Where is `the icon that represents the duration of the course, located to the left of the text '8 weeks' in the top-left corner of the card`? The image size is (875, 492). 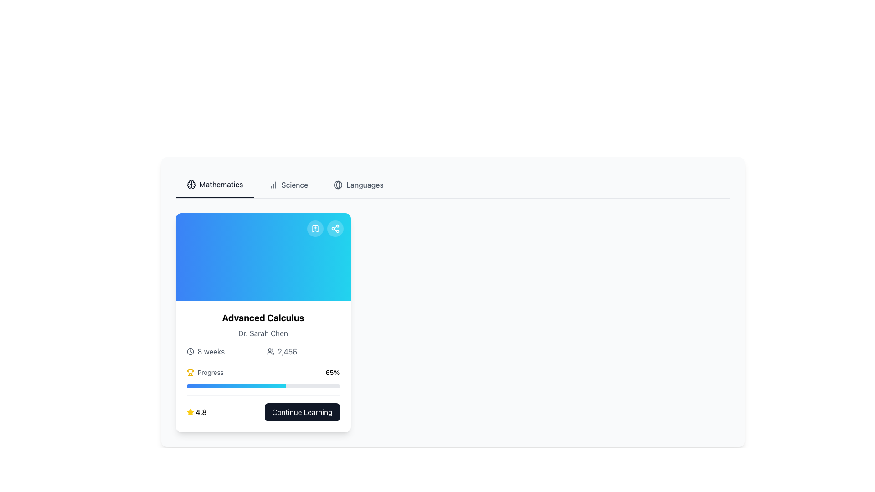 the icon that represents the duration of the course, located to the left of the text '8 weeks' in the top-left corner of the card is located at coordinates (190, 351).